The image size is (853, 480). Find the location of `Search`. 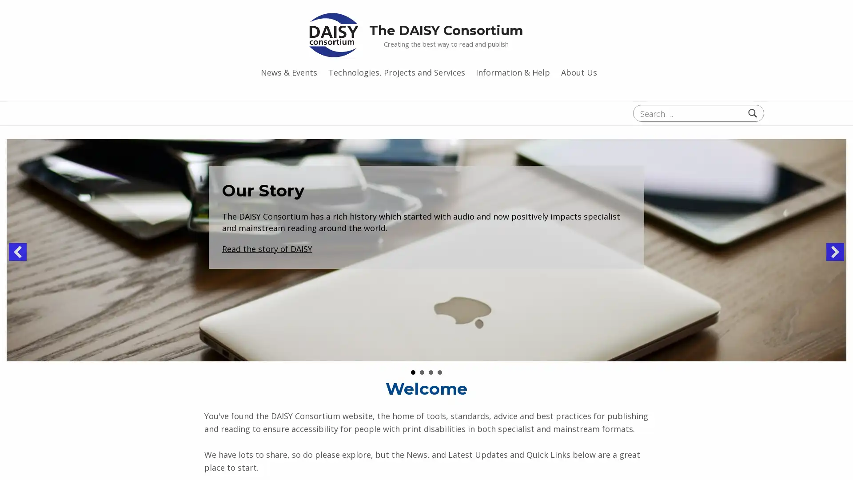

Search is located at coordinates (752, 112).